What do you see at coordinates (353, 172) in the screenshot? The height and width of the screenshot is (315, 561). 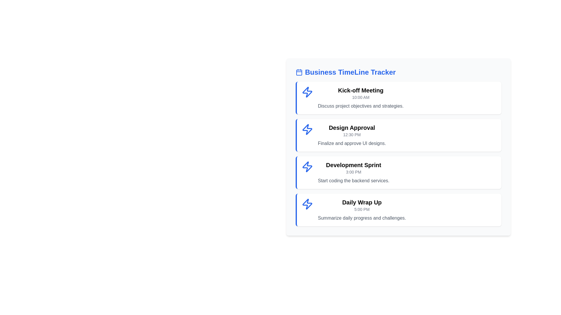 I see `timestamp displayed as '3:00 PM' in a small gray font, located below the 'Development Sprint' heading` at bounding box center [353, 172].